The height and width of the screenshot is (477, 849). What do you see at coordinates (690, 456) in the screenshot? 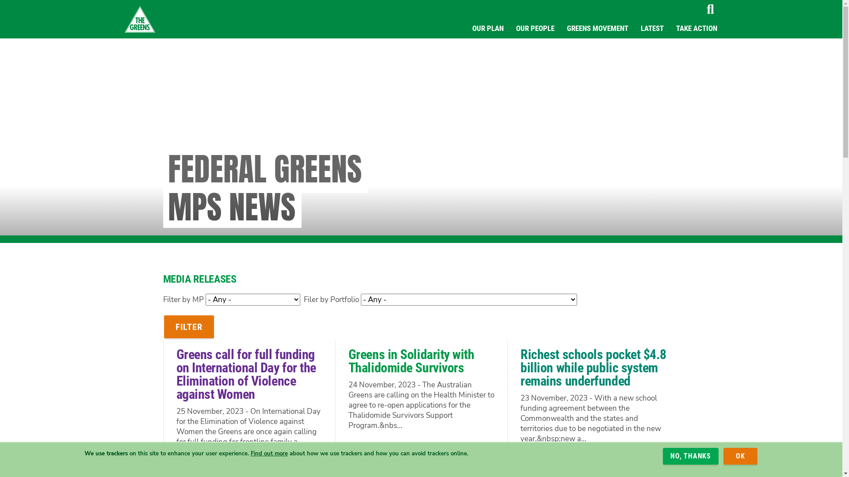
I see `'NO, THANKS'` at bounding box center [690, 456].